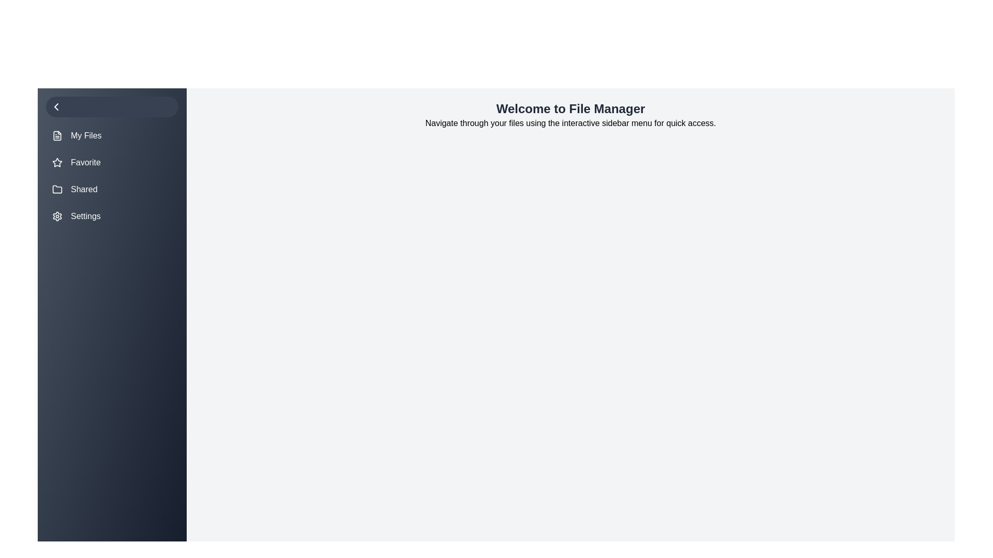  I want to click on the menu item labeled My Files, so click(112, 135).